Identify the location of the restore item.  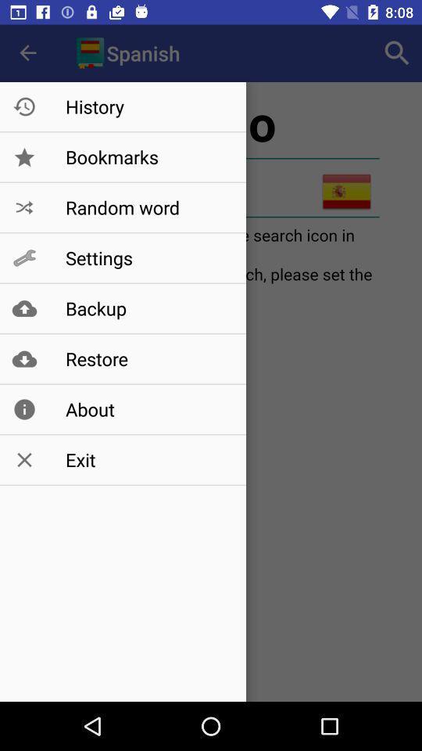
(148, 358).